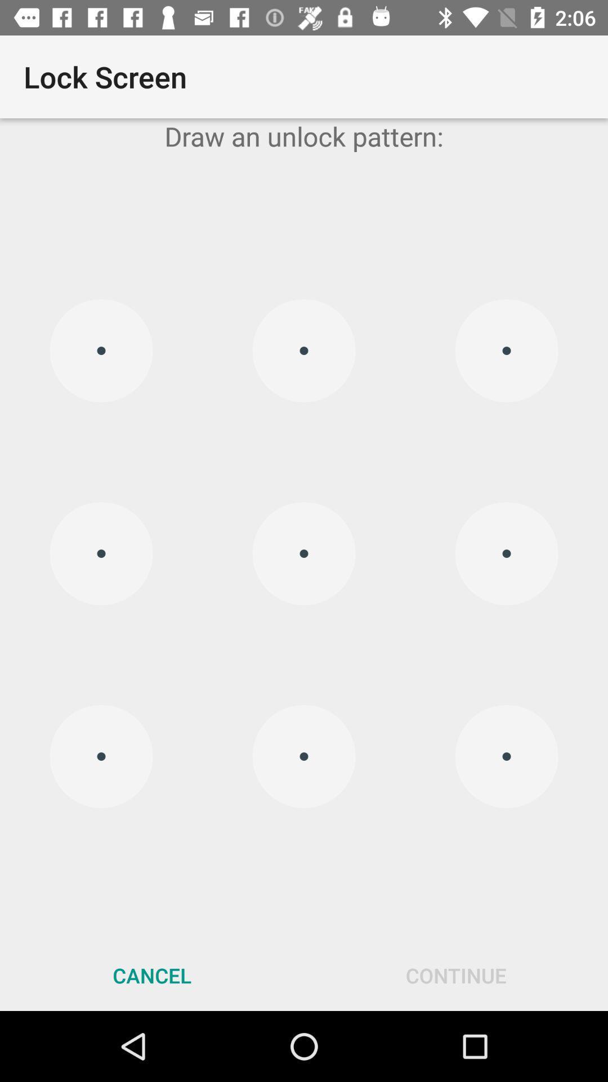 The image size is (608, 1082). I want to click on the continue, so click(456, 975).